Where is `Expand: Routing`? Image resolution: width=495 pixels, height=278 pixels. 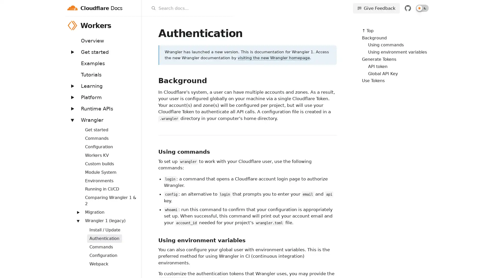
Expand: Routing is located at coordinates (75, 217).